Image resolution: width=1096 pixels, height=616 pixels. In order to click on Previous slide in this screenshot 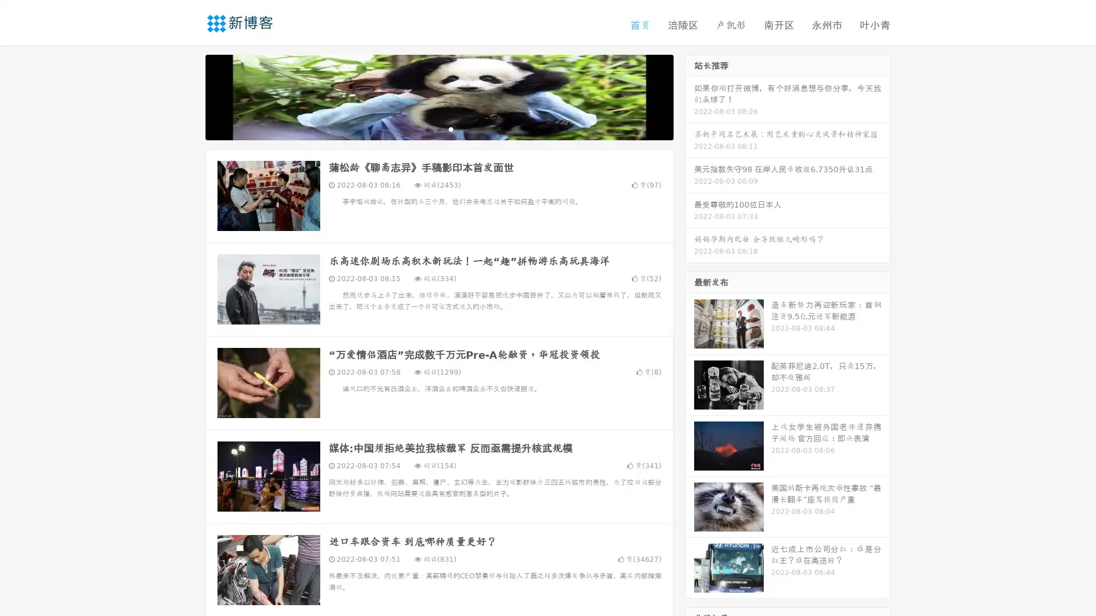, I will do `click(188, 96)`.